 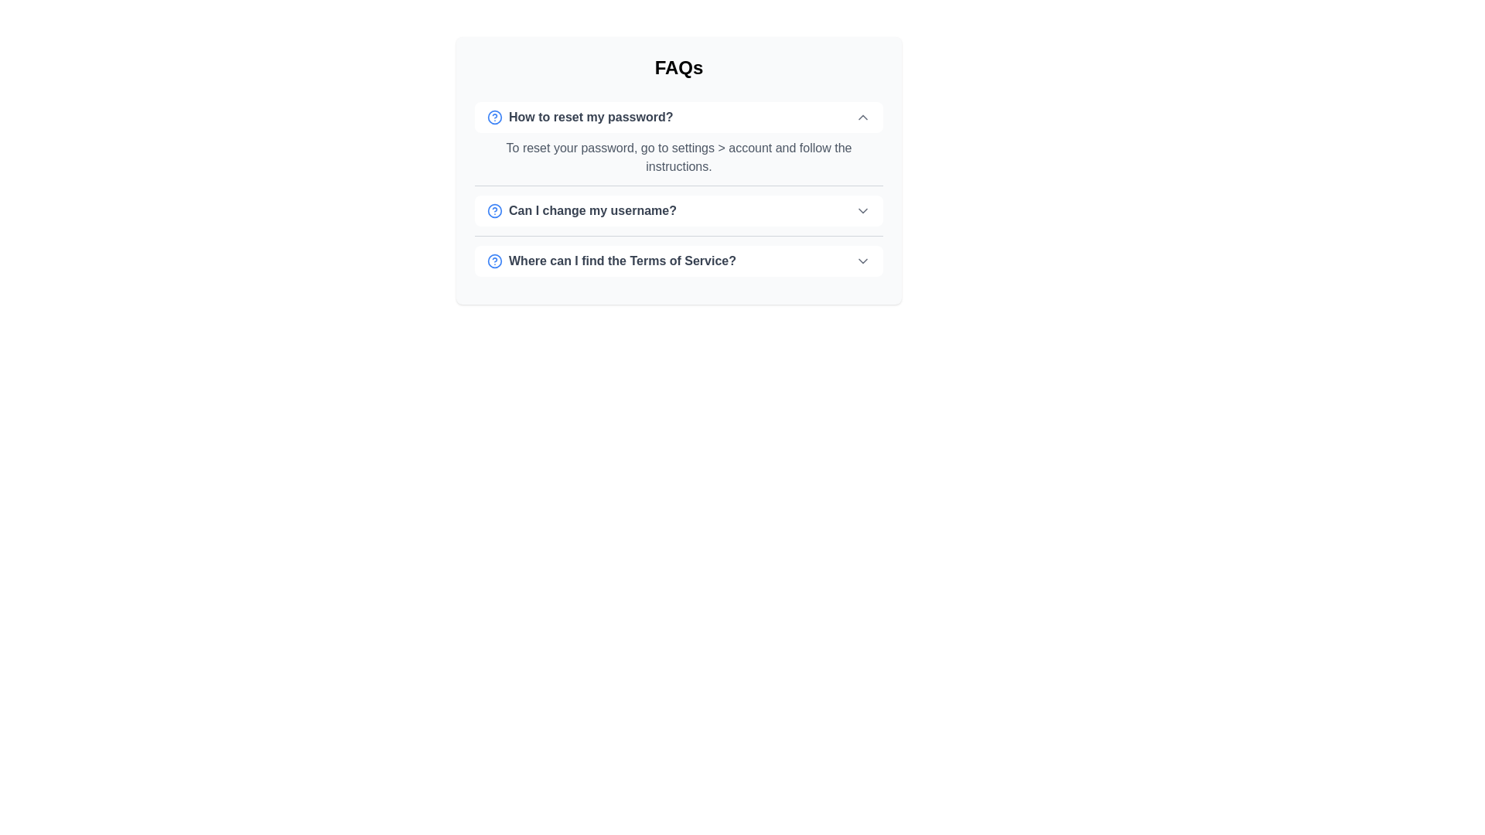 I want to click on the chevron icon, so click(x=862, y=261).